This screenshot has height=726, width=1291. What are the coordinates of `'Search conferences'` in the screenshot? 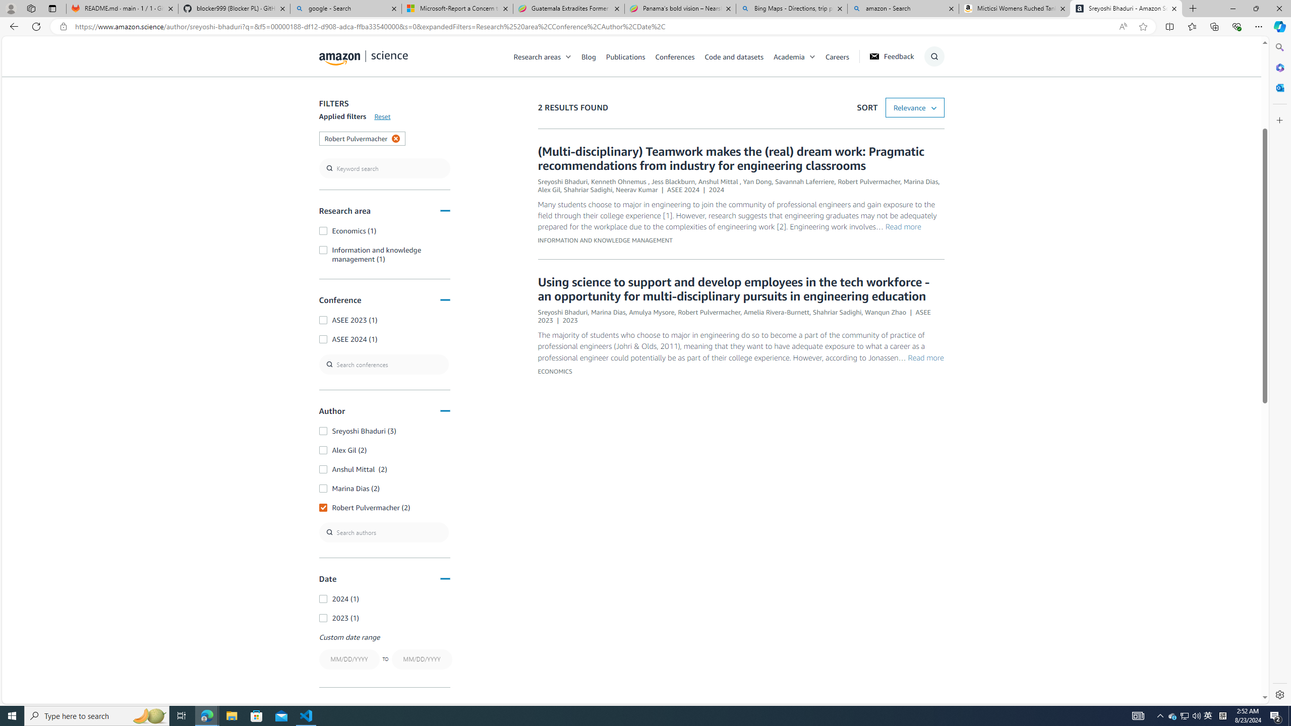 It's located at (384, 364).